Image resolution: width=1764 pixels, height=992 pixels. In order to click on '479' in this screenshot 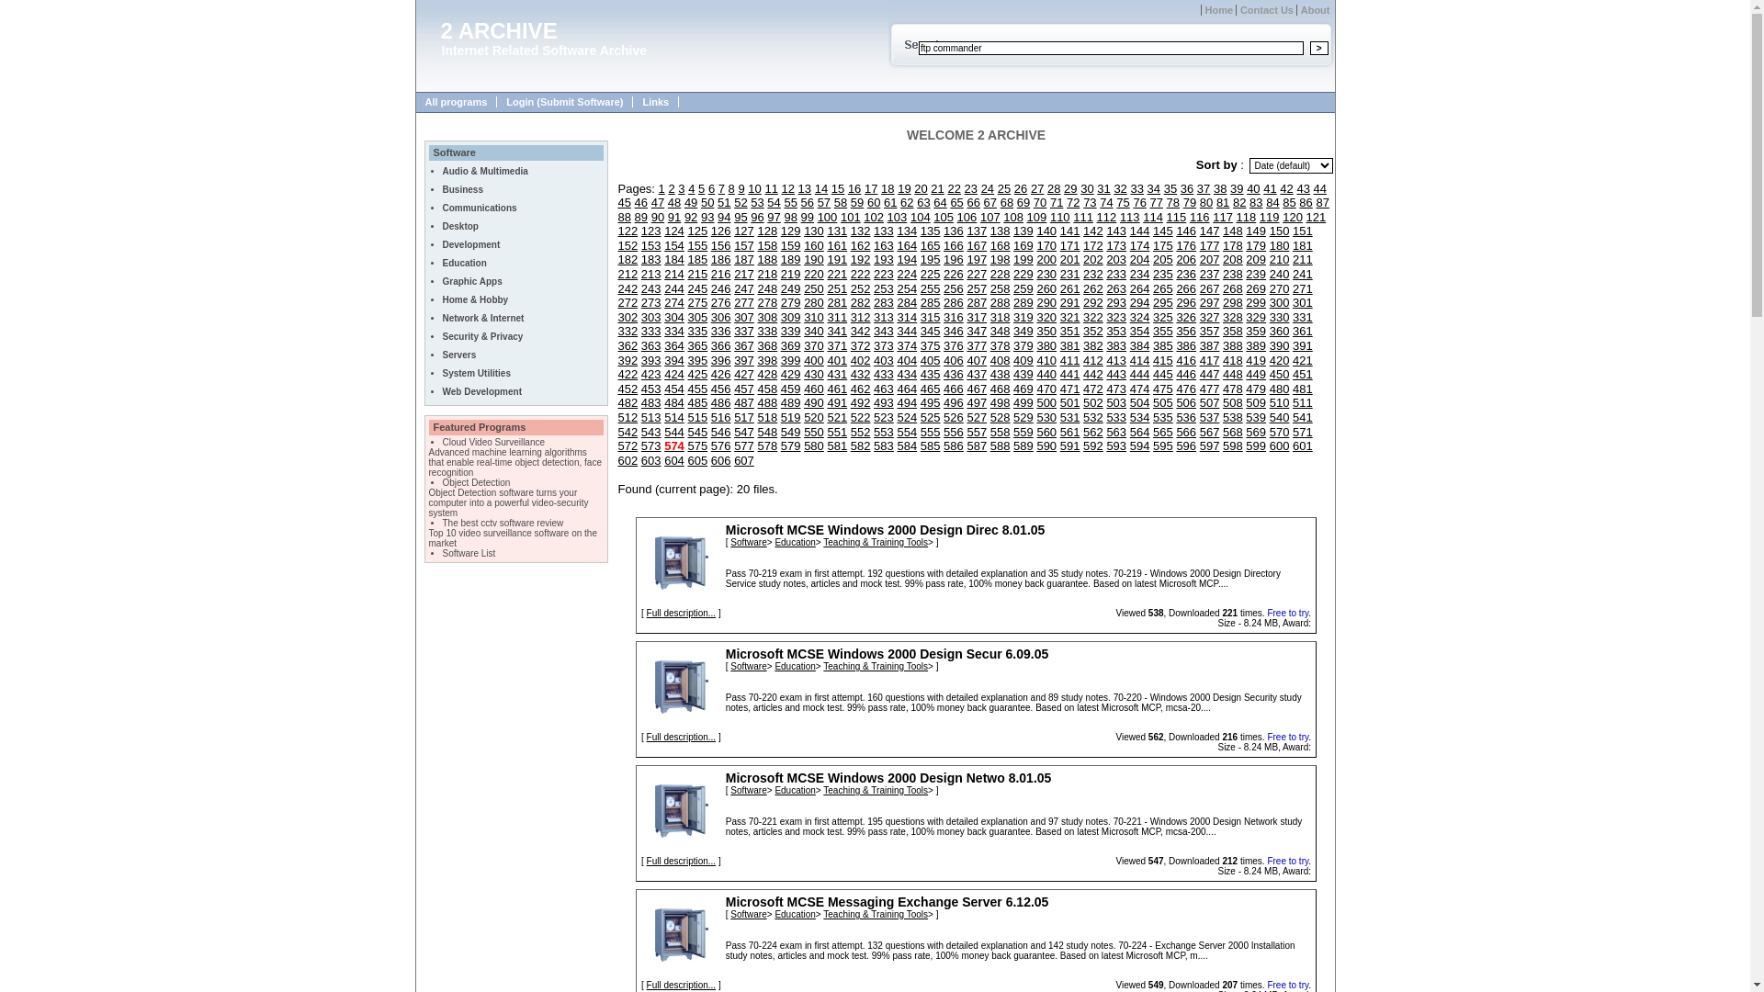, I will do `click(1255, 388)`.